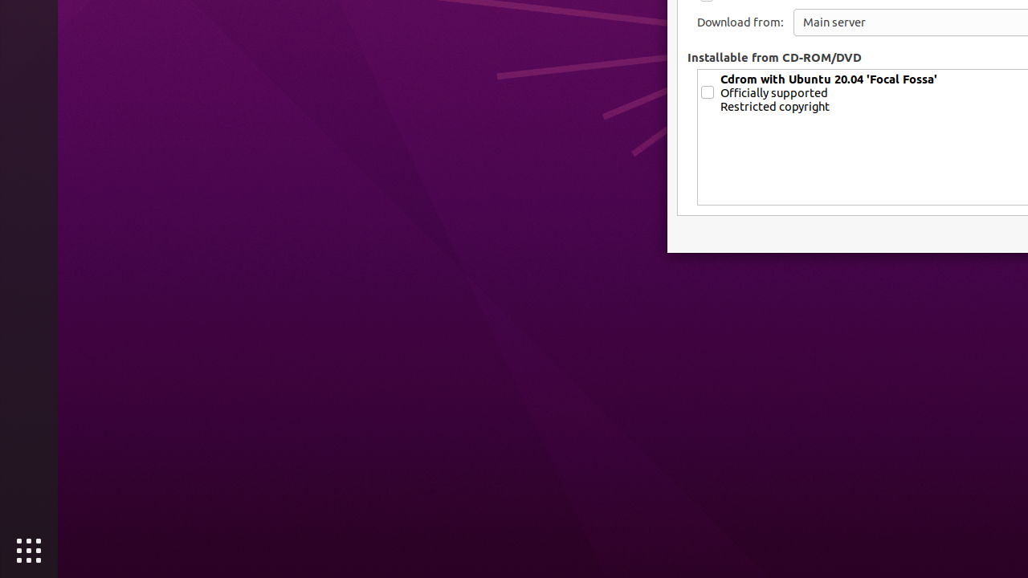 The image size is (1028, 578). Describe the element at coordinates (739, 22) in the screenshot. I see `'Download from:'` at that location.